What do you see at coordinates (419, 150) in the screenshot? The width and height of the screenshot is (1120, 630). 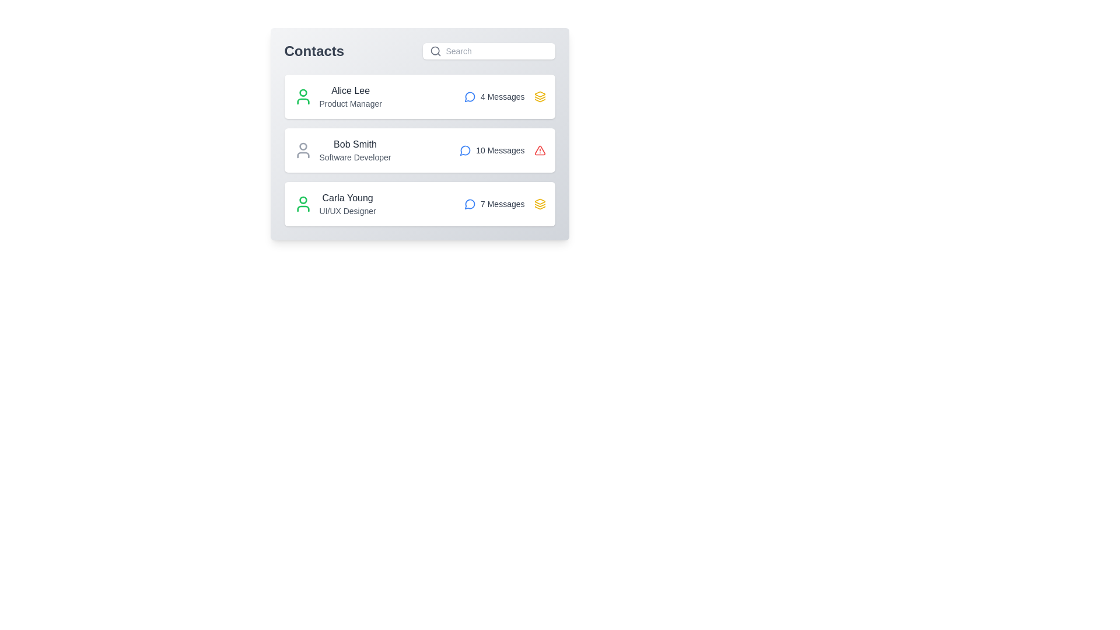 I see `the contact item corresponding to Bob Smith` at bounding box center [419, 150].